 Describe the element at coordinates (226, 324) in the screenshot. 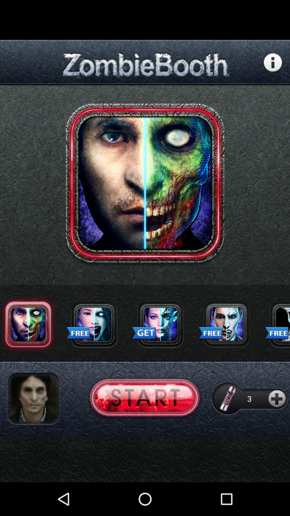

I see `click icon to make photo into zombie` at that location.